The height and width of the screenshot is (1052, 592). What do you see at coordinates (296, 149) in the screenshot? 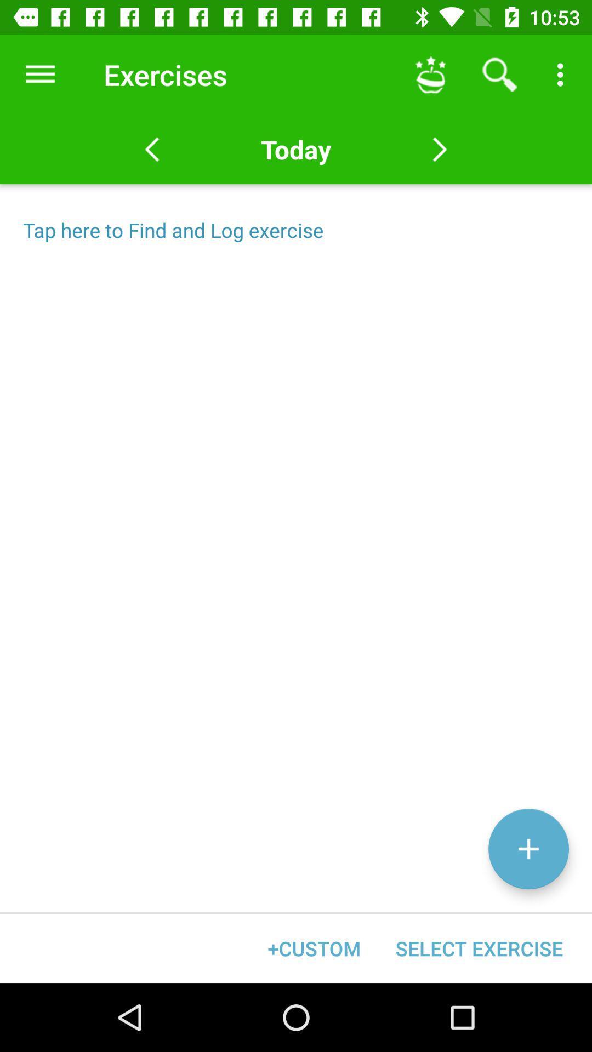
I see `today` at bounding box center [296, 149].